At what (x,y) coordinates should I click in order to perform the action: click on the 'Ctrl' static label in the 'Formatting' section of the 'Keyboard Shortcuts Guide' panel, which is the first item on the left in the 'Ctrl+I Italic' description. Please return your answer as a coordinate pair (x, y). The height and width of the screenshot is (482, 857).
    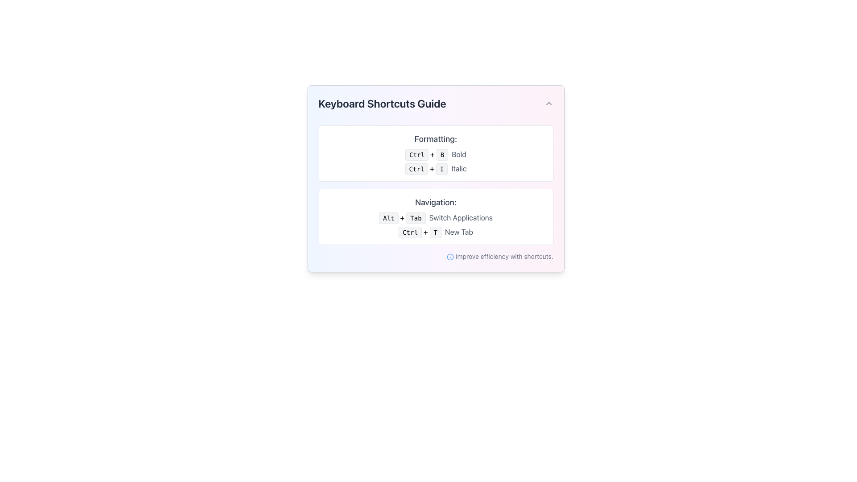
    Looking at the image, I should click on (416, 169).